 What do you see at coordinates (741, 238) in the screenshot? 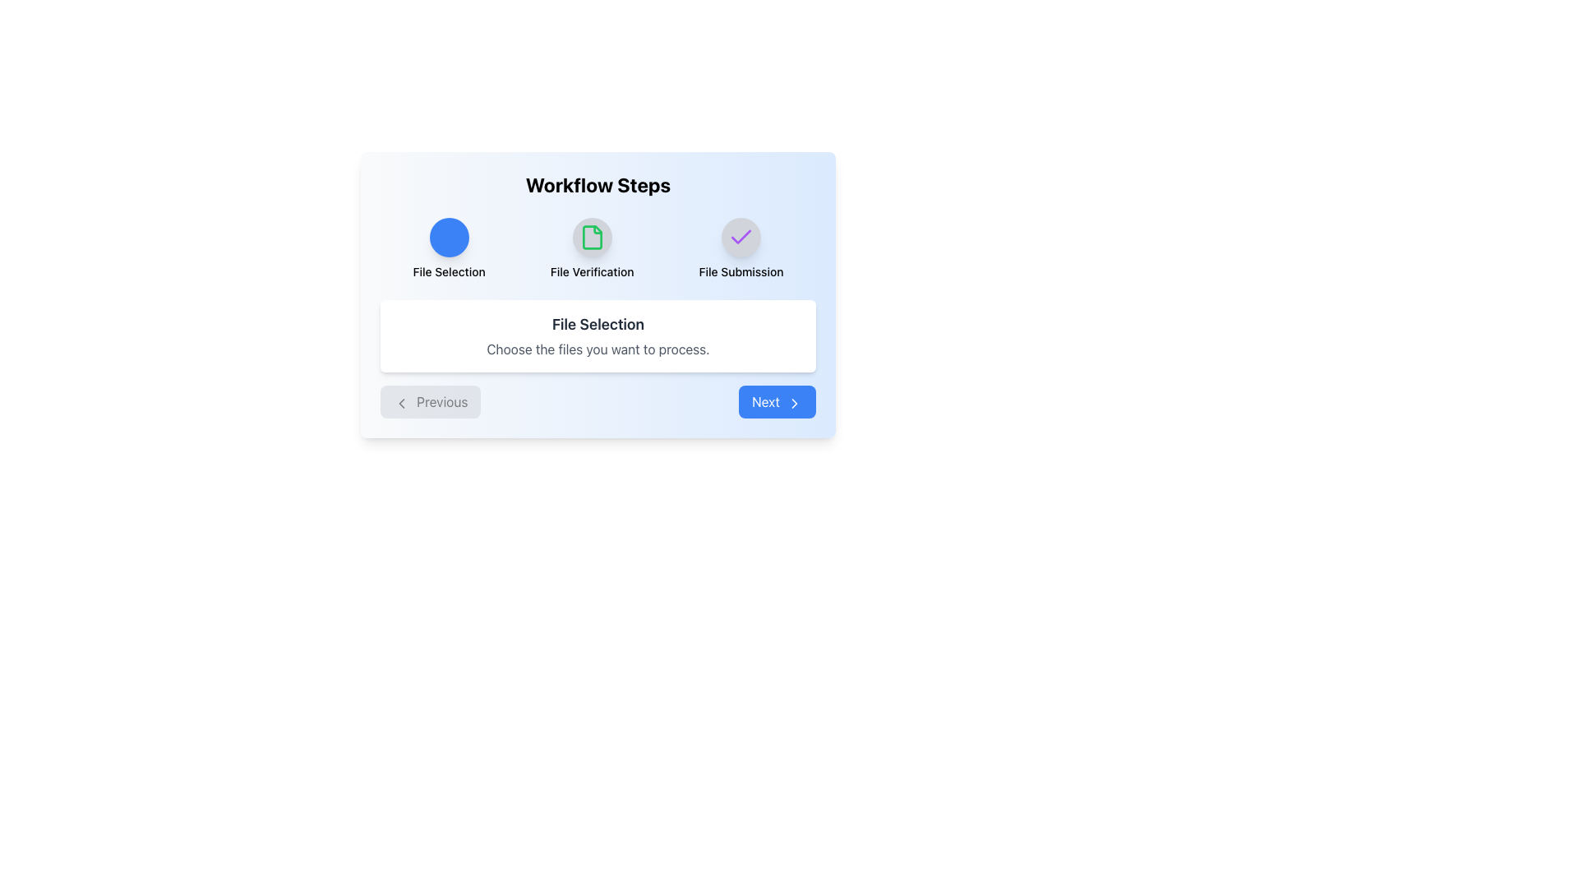
I see `the Icon button that indicates the completion of the 'File Submission' step in the workflow process, positioned on the rightmost side under the label 'File Submission'` at bounding box center [741, 238].